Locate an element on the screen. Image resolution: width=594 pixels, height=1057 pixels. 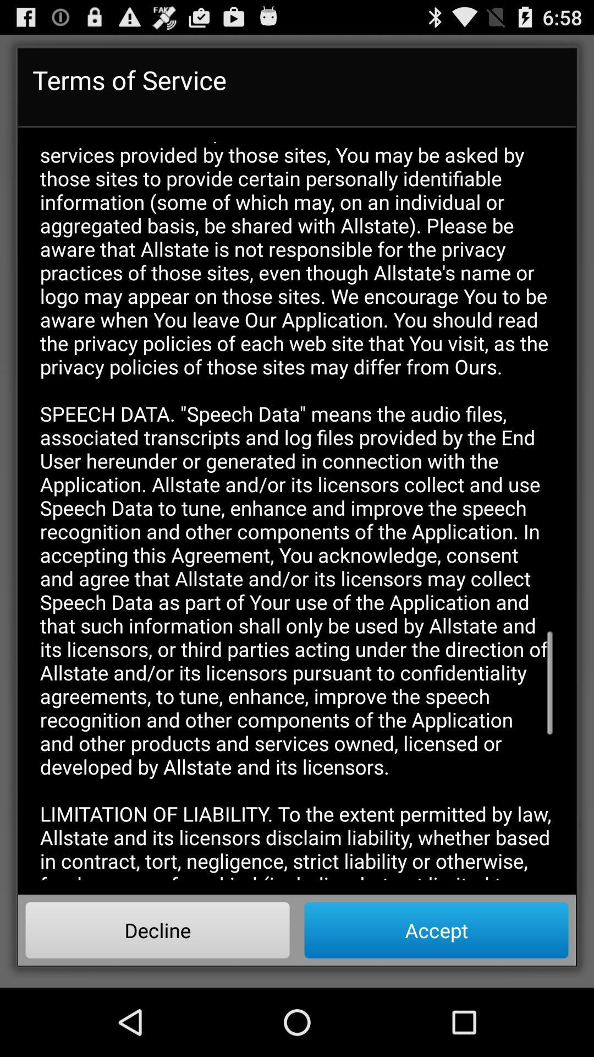
the decline button is located at coordinates (157, 929).